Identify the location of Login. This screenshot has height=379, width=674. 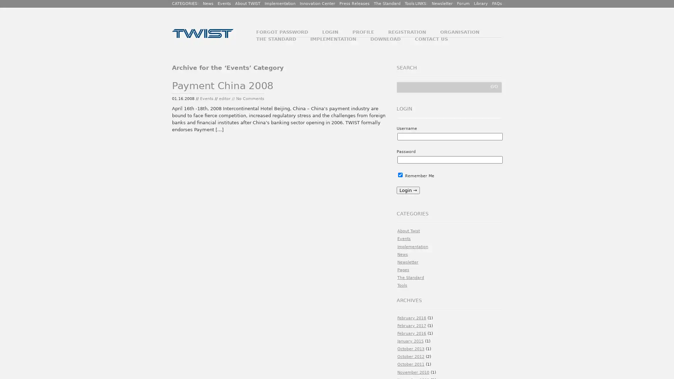
(408, 190).